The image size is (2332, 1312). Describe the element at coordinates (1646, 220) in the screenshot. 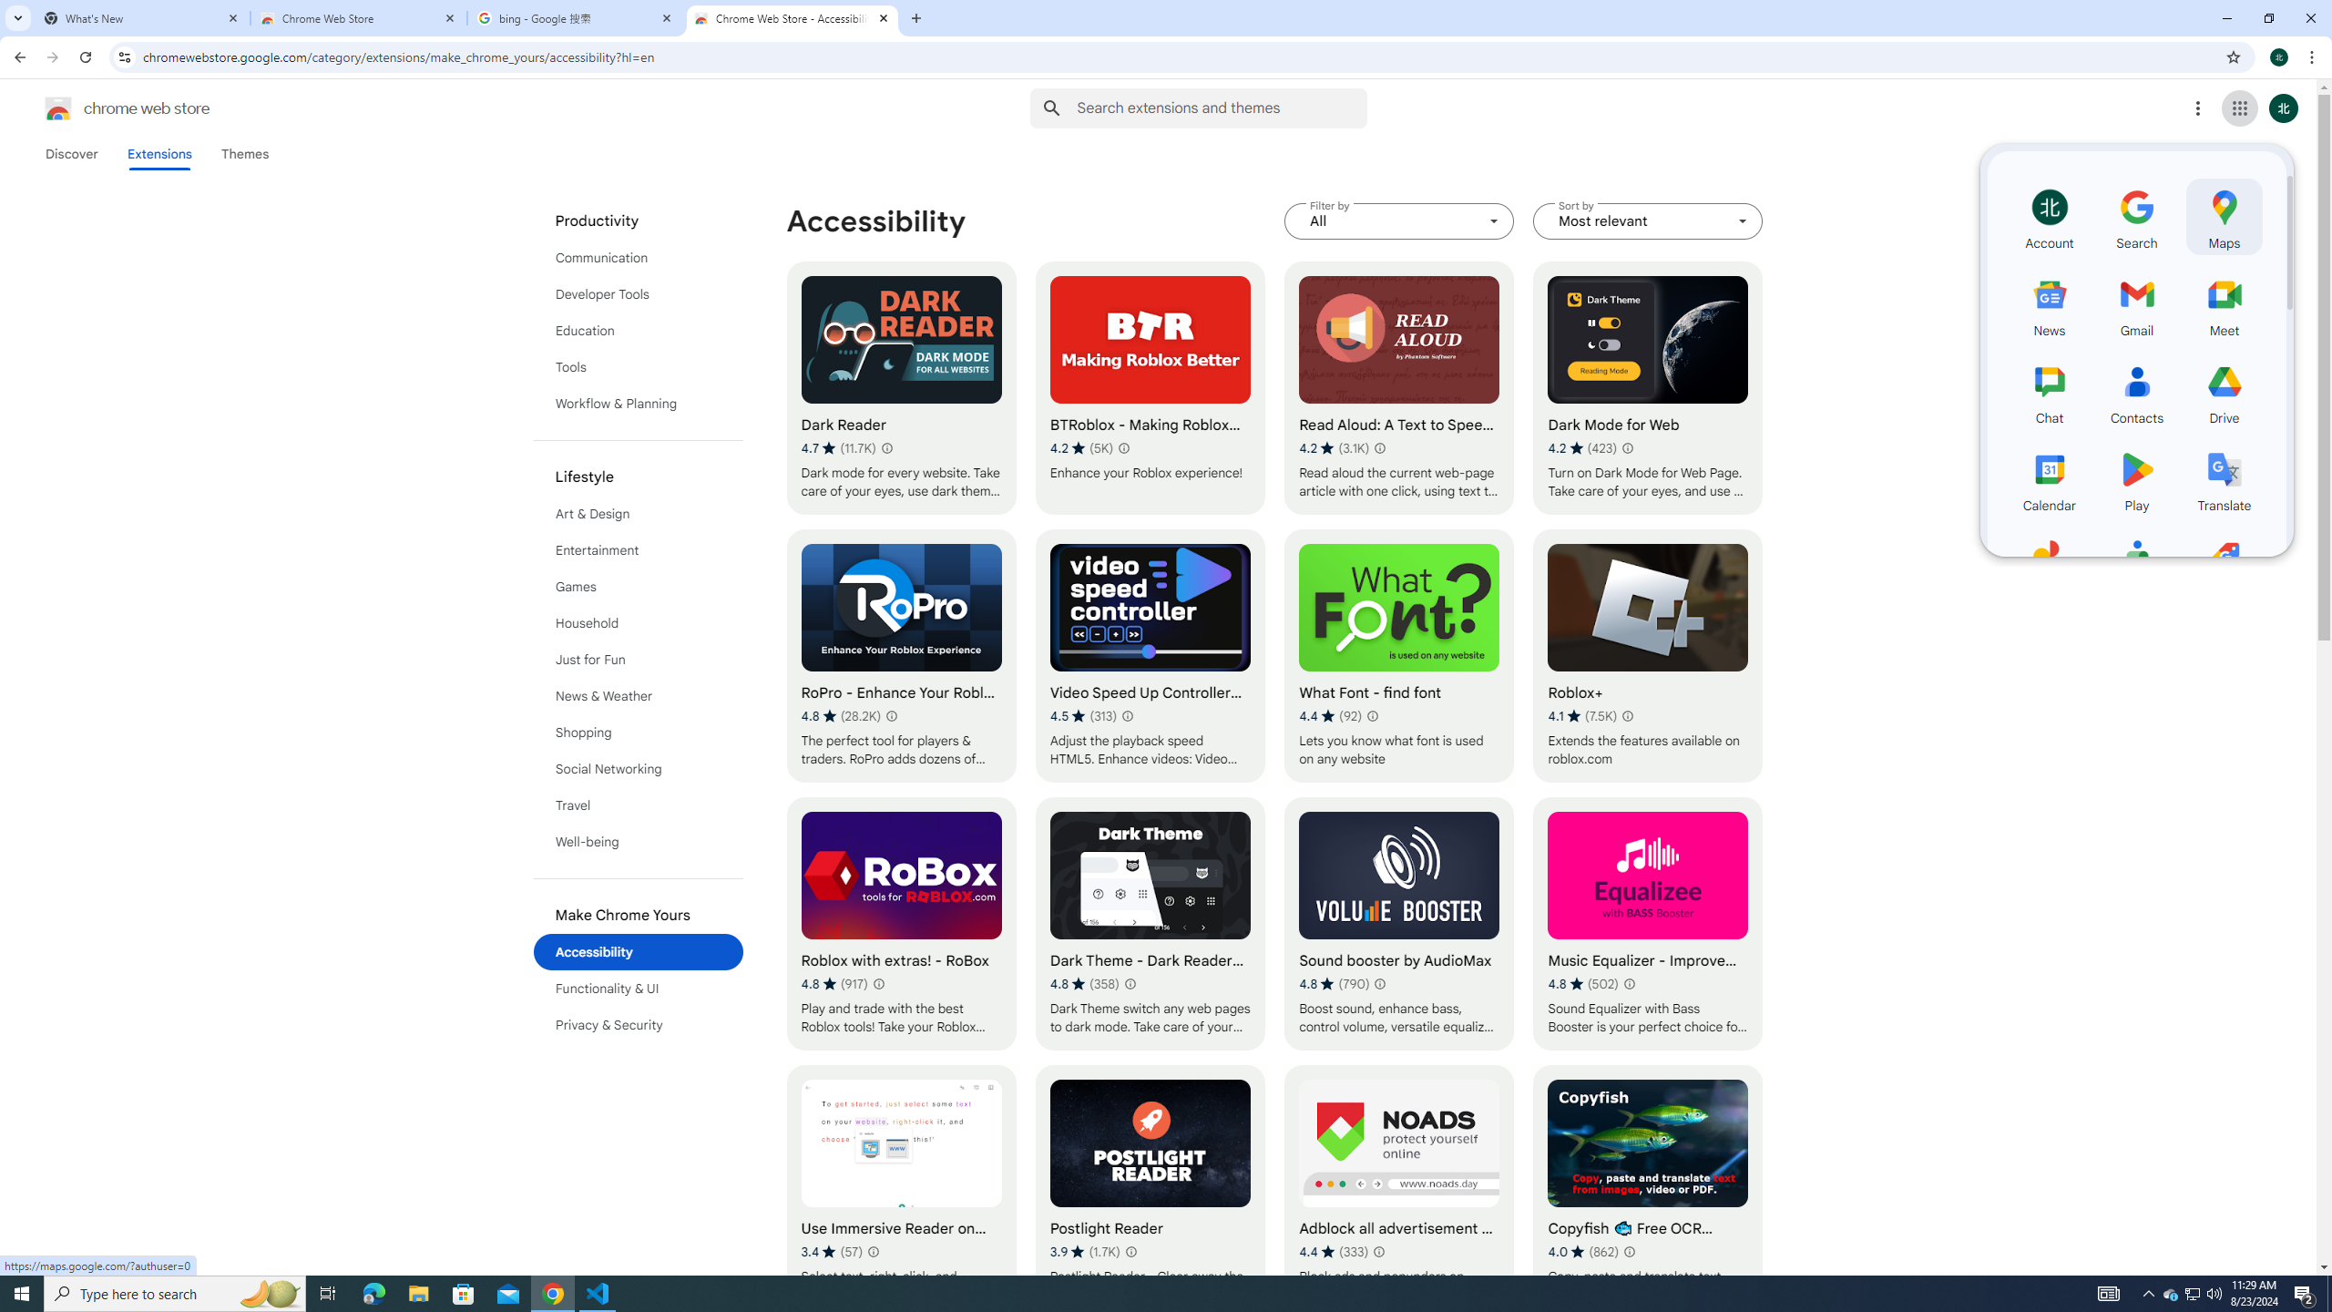

I see `'Sort by Most relevant'` at that location.